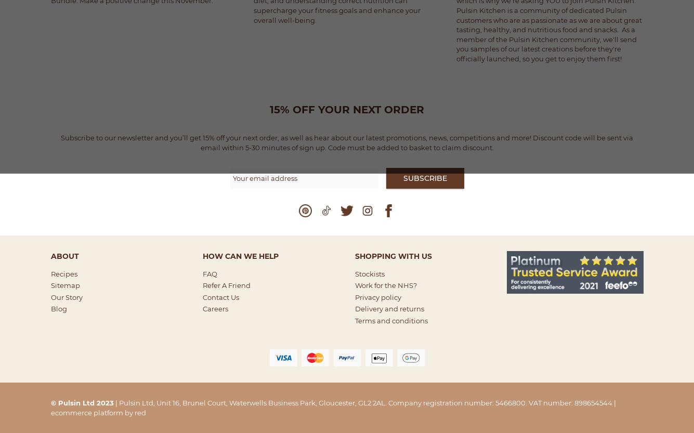 The width and height of the screenshot is (694, 433). I want to click on 'Contact Us', so click(220, 296).